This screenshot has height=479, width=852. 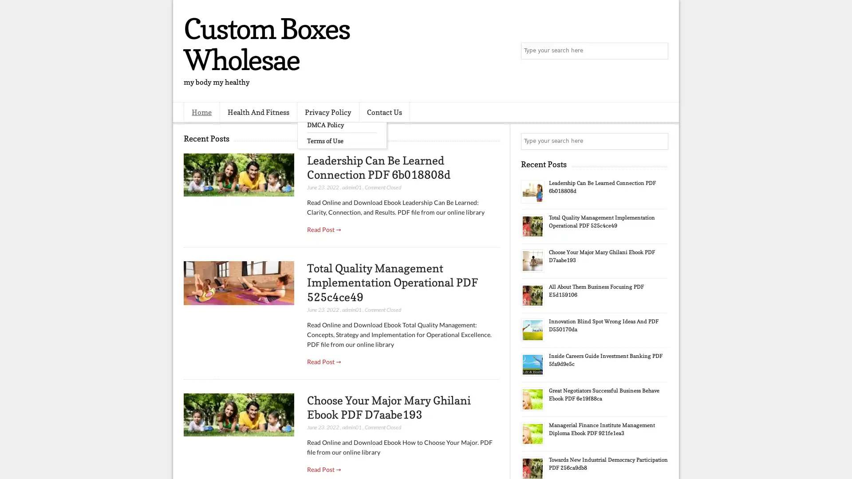 I want to click on Search, so click(x=659, y=51).